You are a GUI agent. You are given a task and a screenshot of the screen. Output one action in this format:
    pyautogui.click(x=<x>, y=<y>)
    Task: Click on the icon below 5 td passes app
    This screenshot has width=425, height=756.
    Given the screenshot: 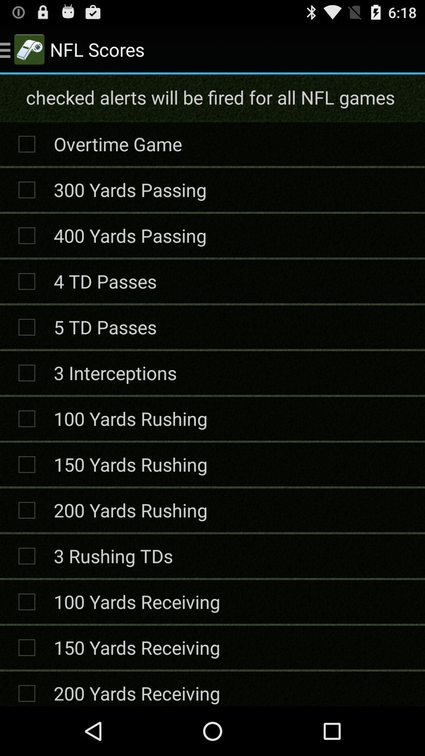 What is the action you would take?
    pyautogui.click(x=115, y=372)
    